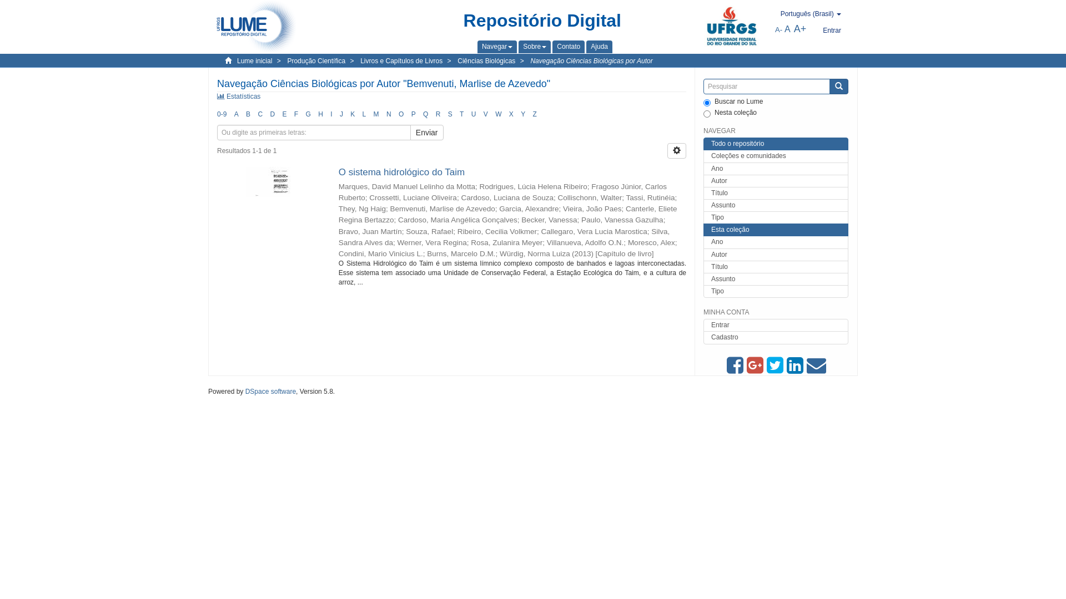 The height and width of the screenshot is (599, 1066). Describe the element at coordinates (787, 28) in the screenshot. I see `'A'` at that location.